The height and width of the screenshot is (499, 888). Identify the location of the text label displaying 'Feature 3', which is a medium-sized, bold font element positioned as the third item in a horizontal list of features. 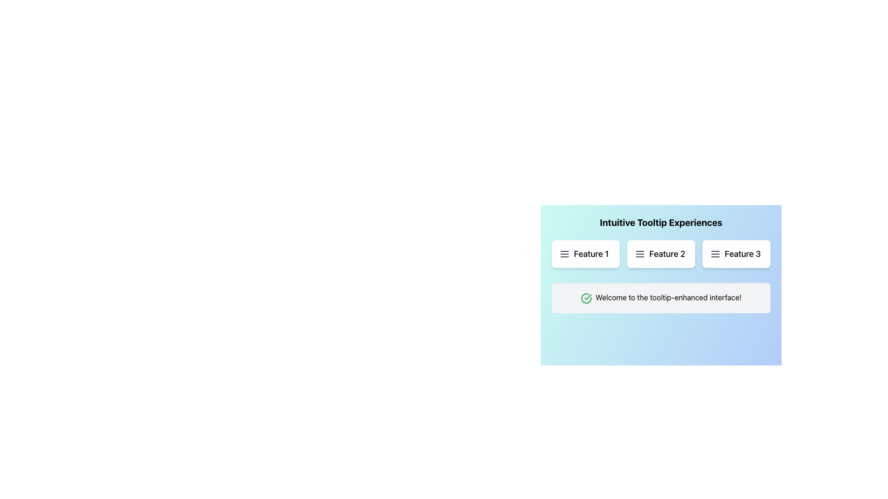
(743, 254).